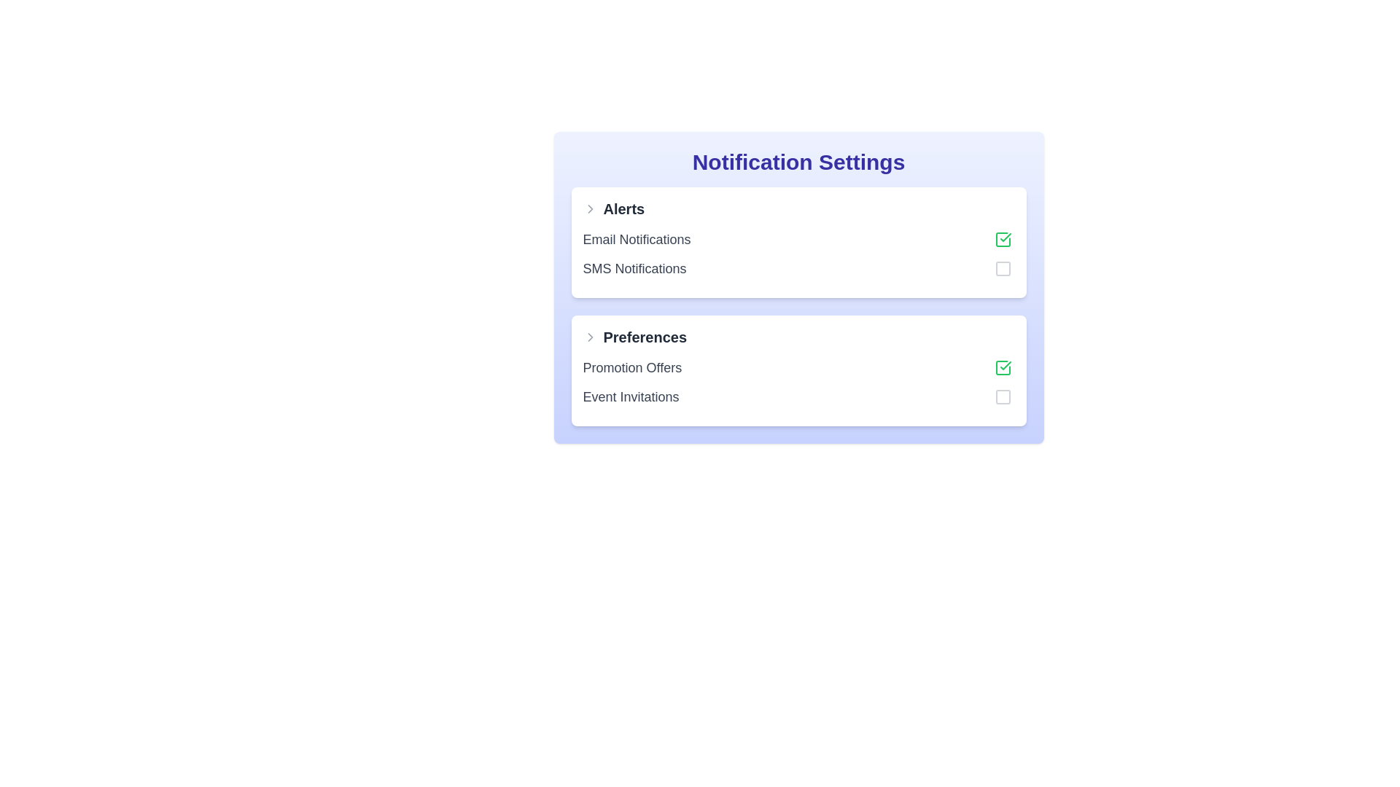  Describe the element at coordinates (1002, 396) in the screenshot. I see `the interactive checkbox element located at the bottom-right corner of the 'Event Invitations' row in the 'Preferences' section of the 'Notification Settings' panel` at that location.